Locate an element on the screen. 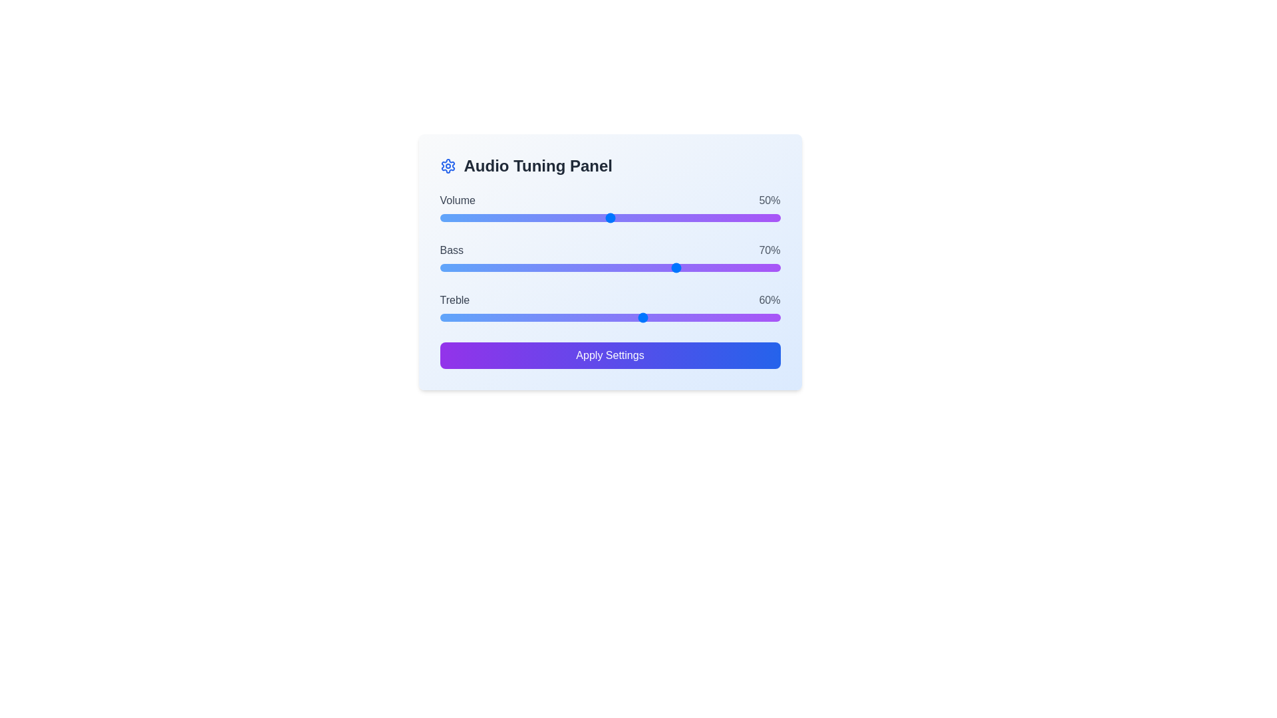  treble is located at coordinates (774, 318).